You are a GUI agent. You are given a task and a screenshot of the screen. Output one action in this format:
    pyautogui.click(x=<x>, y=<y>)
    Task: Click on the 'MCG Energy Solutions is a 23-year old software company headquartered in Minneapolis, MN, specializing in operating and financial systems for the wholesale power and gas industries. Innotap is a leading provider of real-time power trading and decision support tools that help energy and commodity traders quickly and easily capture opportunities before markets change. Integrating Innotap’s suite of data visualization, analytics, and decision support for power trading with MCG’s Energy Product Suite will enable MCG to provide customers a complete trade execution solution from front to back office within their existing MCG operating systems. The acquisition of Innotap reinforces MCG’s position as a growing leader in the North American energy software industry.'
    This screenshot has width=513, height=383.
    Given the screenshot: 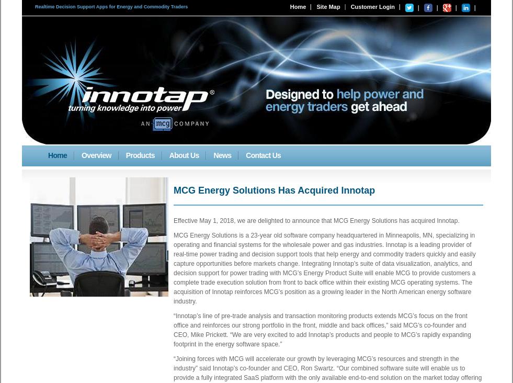 What is the action you would take?
    pyautogui.click(x=324, y=268)
    